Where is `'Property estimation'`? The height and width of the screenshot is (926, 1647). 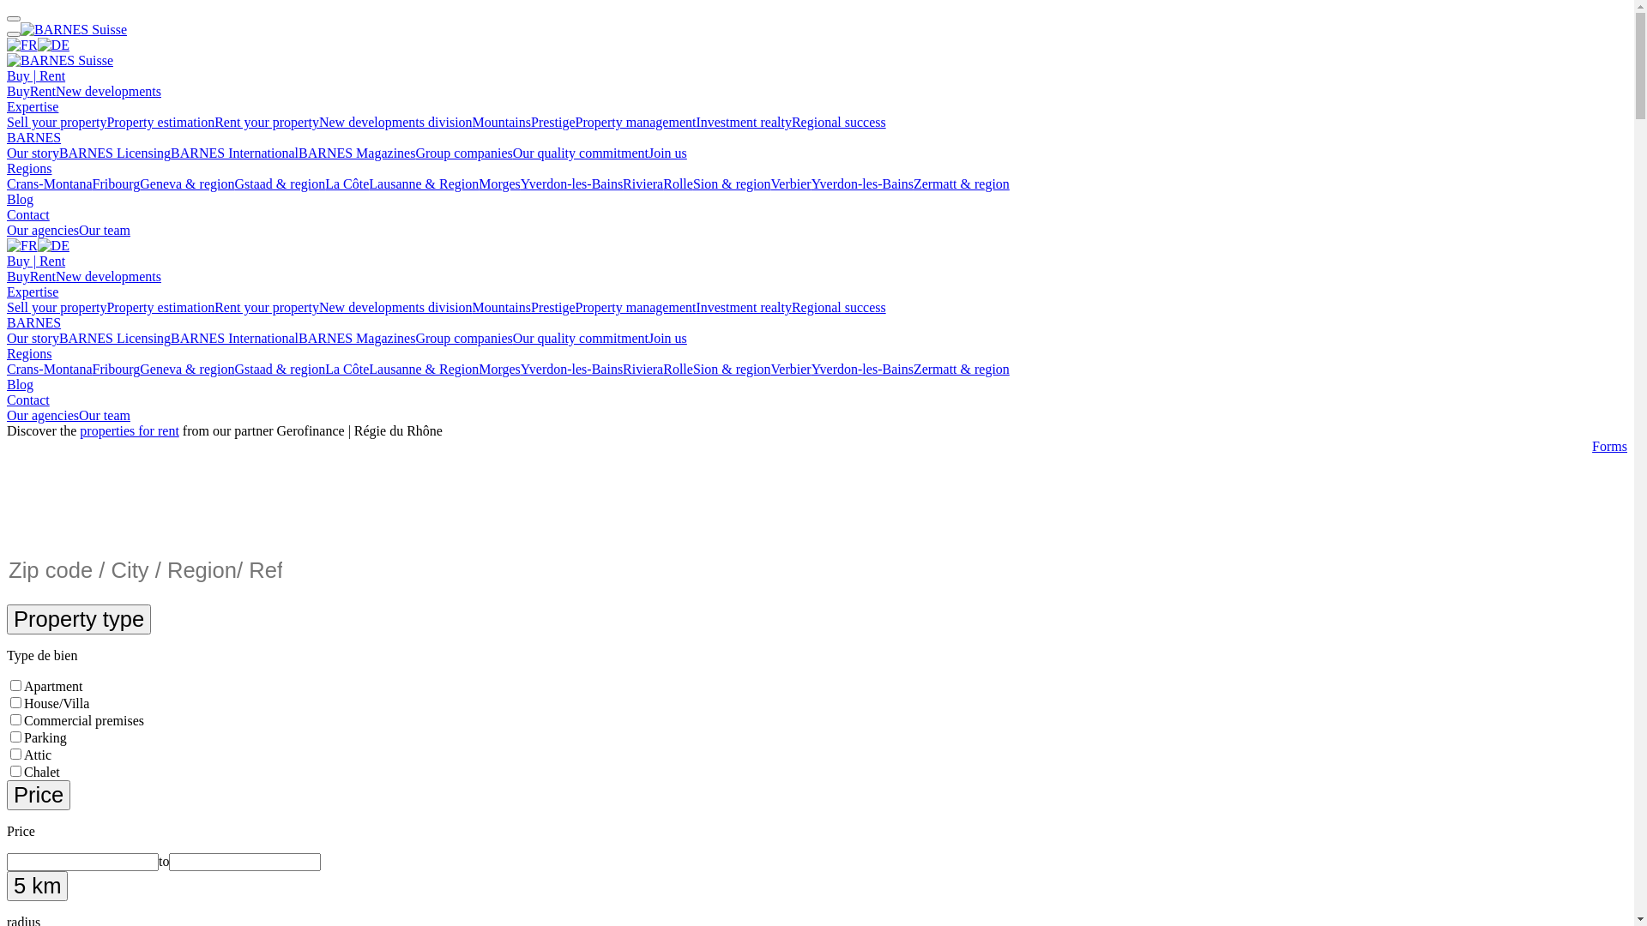
'Property estimation' is located at coordinates (160, 121).